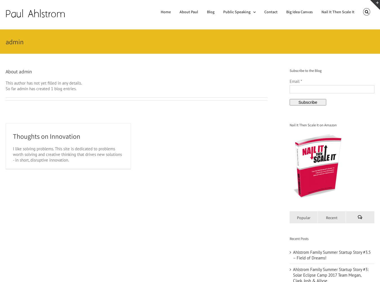 The image size is (380, 282). I want to click on 'Subscribe to the Blog', so click(305, 70).